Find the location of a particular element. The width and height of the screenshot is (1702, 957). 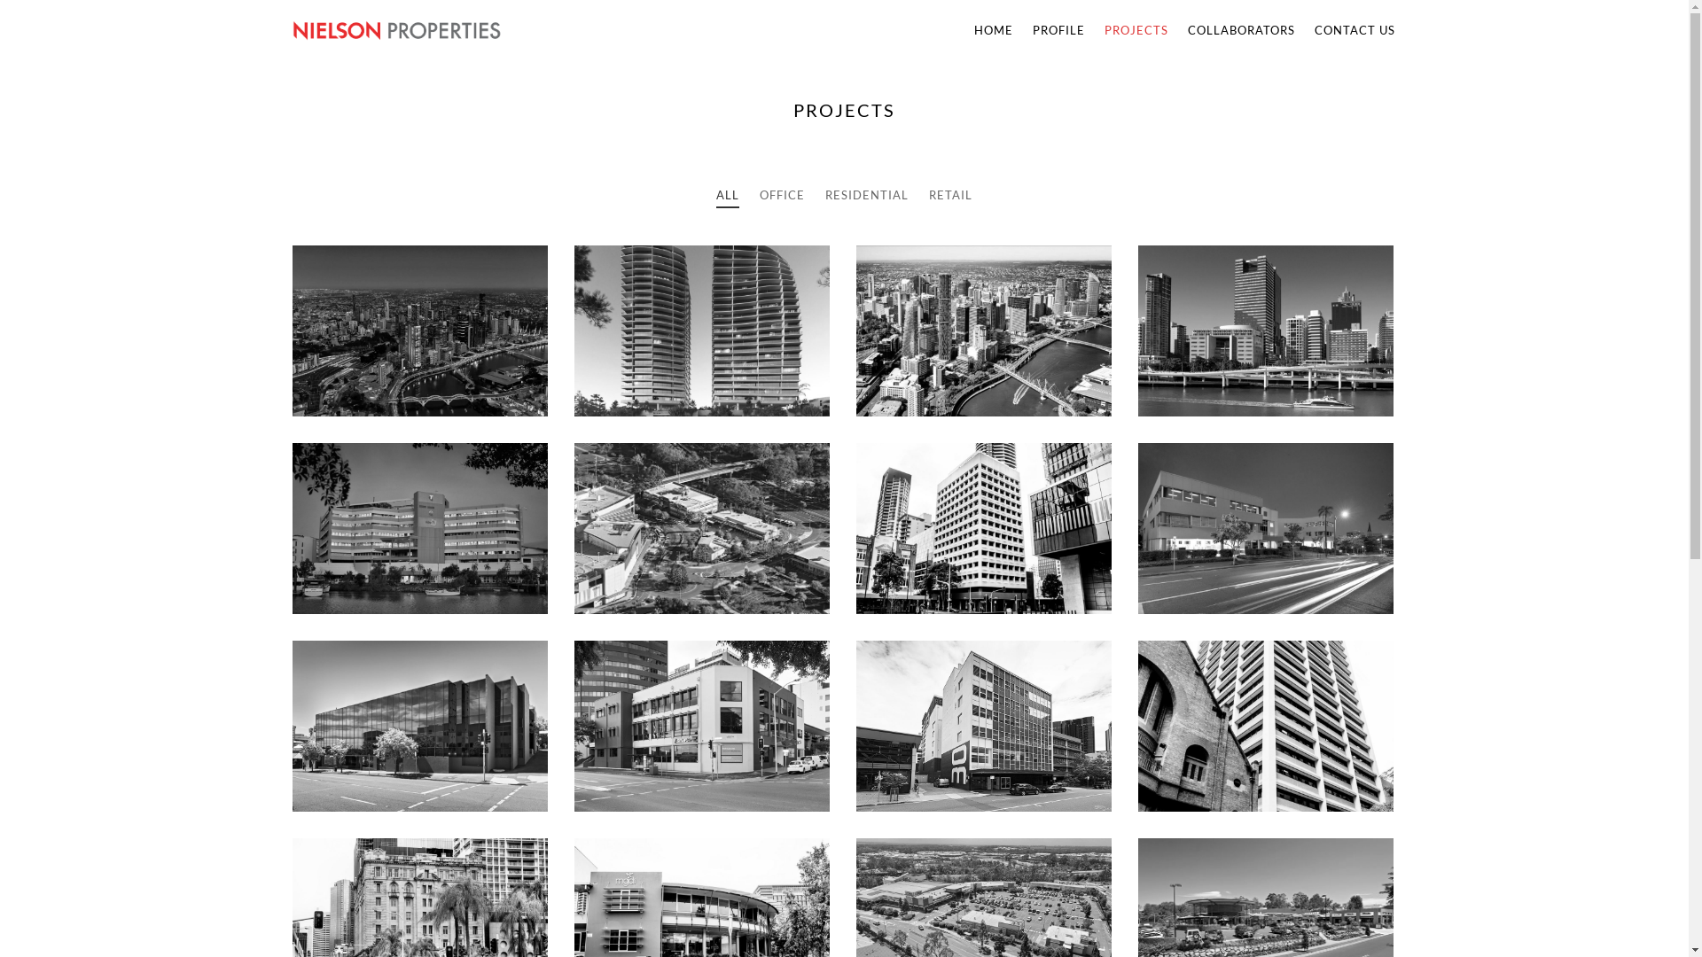

'ALL' is located at coordinates (715, 194).